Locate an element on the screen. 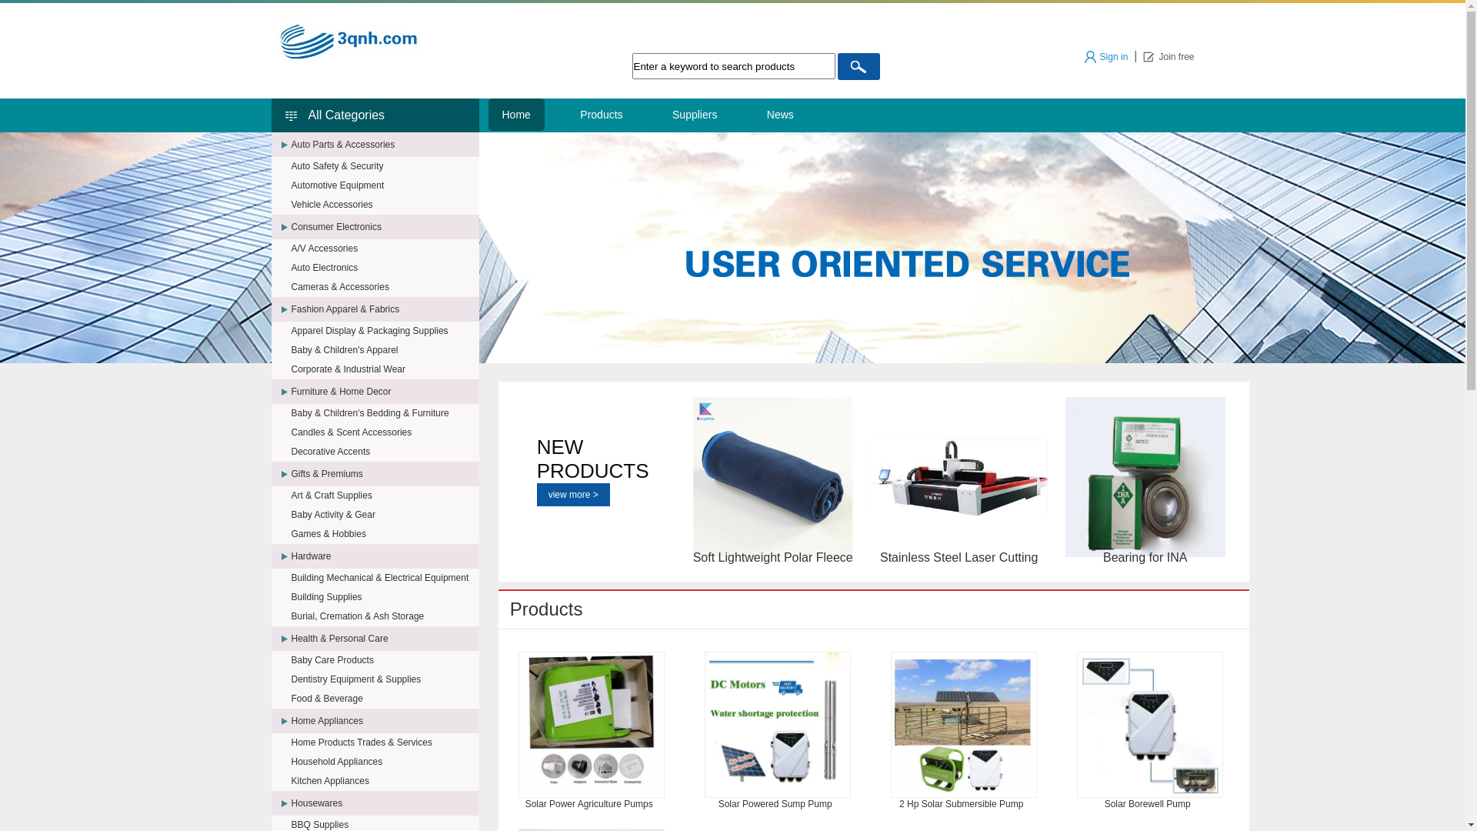  'view more >' is located at coordinates (572, 495).